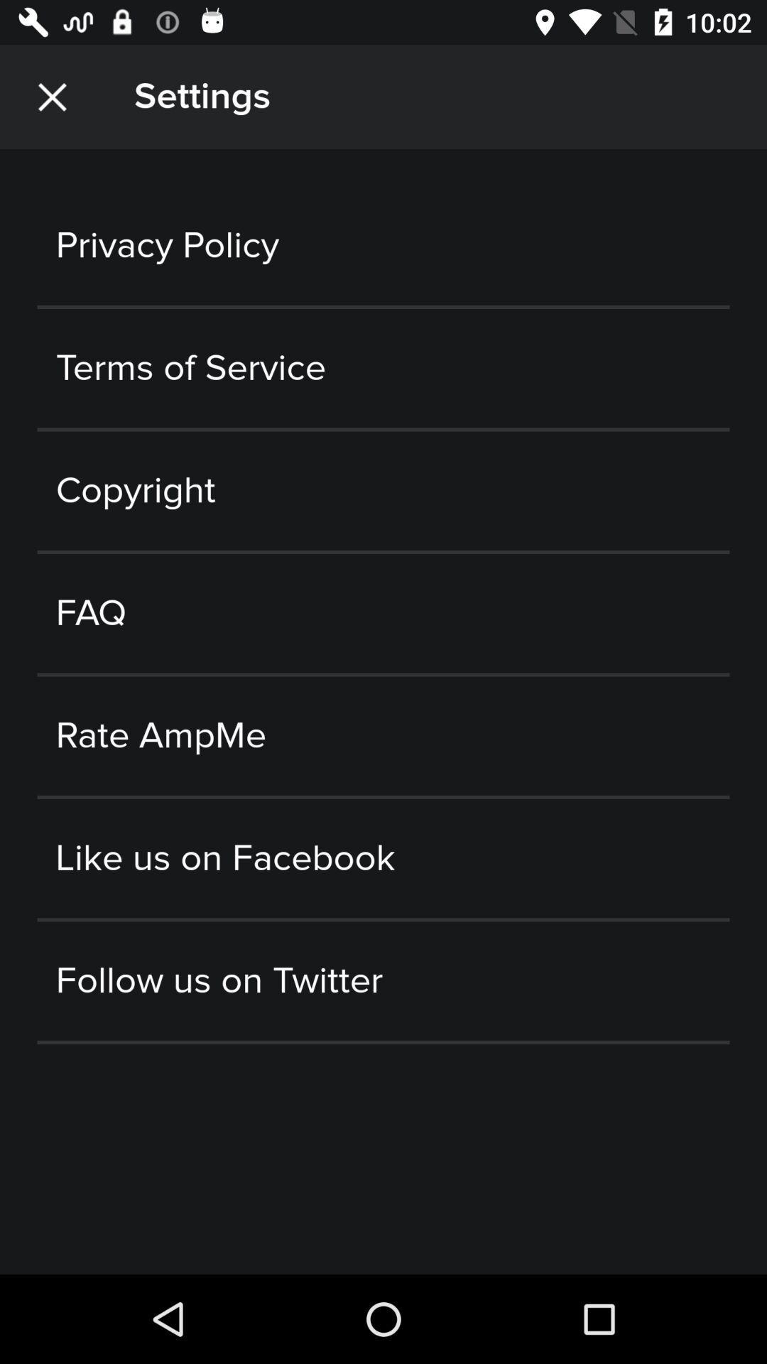 This screenshot has height=1364, width=767. Describe the element at coordinates (383, 246) in the screenshot. I see `privacy policy` at that location.